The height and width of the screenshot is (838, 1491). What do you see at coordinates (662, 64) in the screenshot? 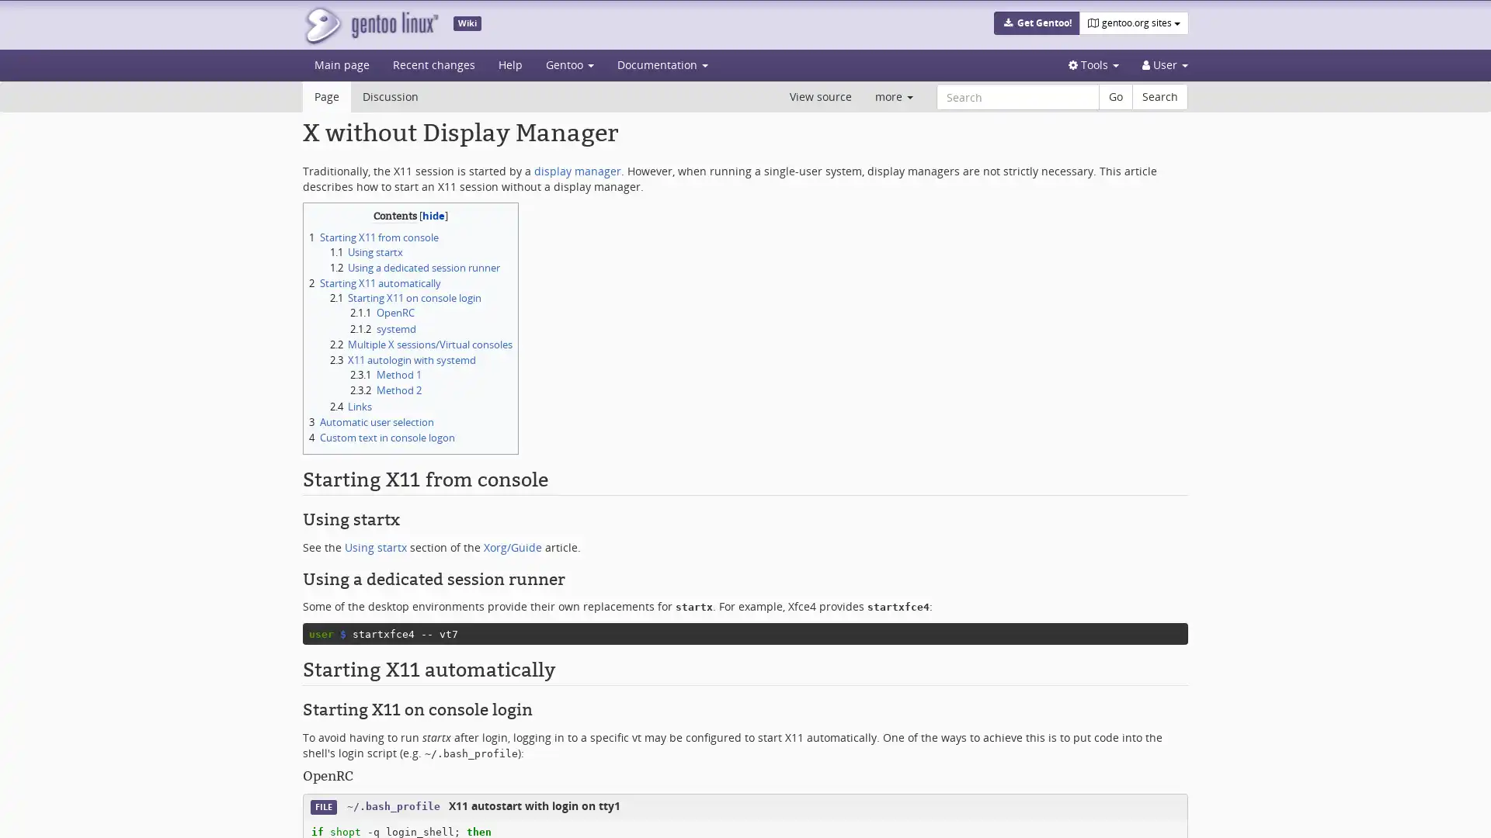
I see `Documentation` at bounding box center [662, 64].